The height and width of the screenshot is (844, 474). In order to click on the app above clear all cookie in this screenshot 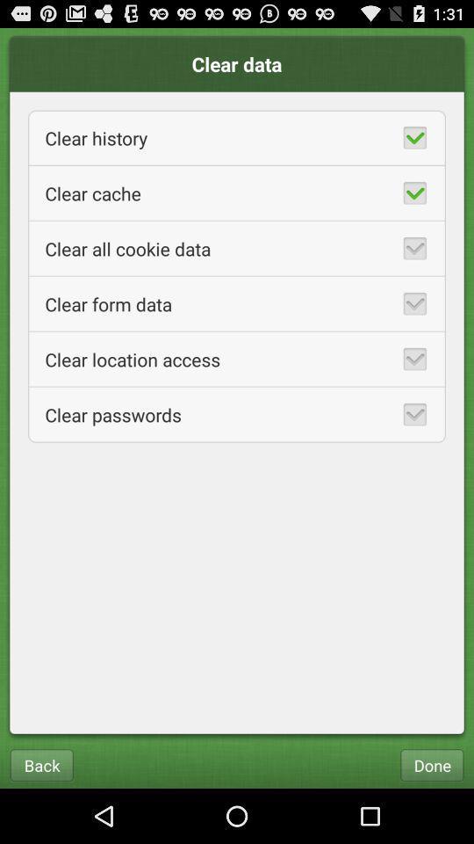, I will do `click(237, 193)`.